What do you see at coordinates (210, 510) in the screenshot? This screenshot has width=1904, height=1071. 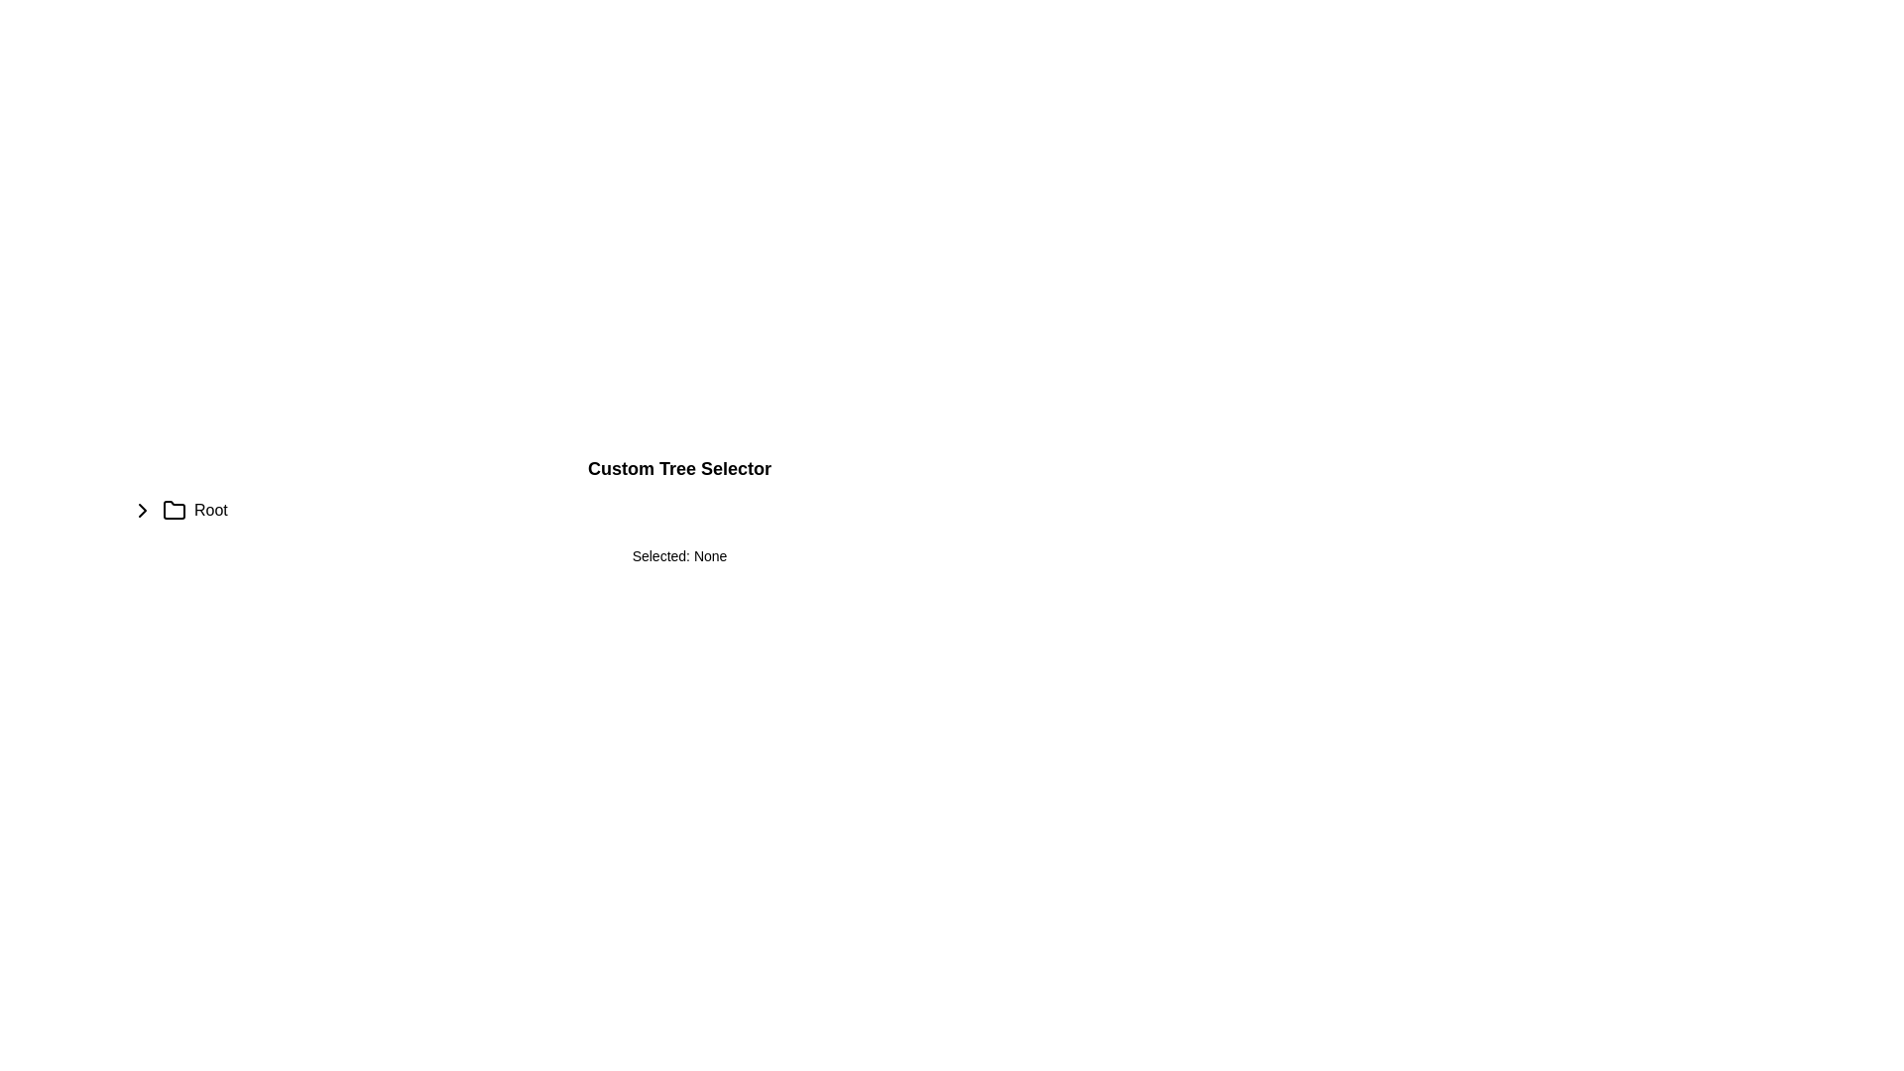 I see `the text label that indicates the name or designation of the associated folder or section, located immediately to the right of a folder icon` at bounding box center [210, 510].